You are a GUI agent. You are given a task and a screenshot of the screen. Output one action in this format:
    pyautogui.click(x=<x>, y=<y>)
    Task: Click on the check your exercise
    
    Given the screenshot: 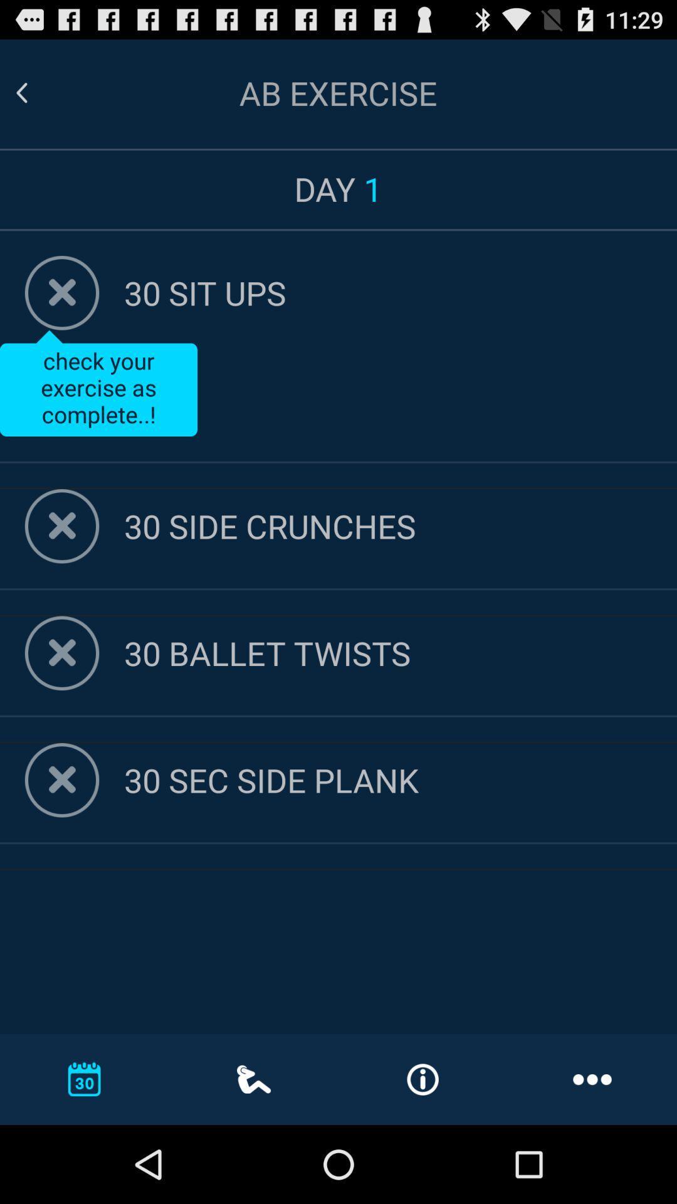 What is the action you would take?
    pyautogui.click(x=98, y=383)
    